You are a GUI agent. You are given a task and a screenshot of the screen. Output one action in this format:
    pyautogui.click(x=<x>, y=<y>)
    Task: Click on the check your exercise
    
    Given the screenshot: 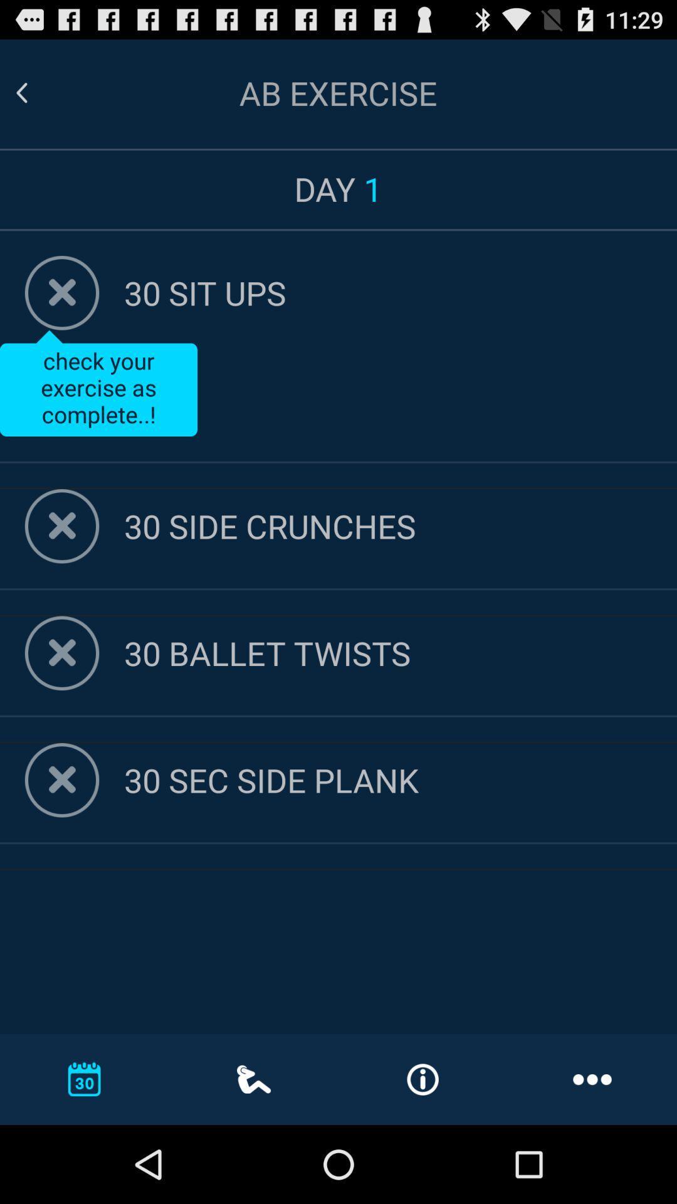 What is the action you would take?
    pyautogui.click(x=98, y=383)
    